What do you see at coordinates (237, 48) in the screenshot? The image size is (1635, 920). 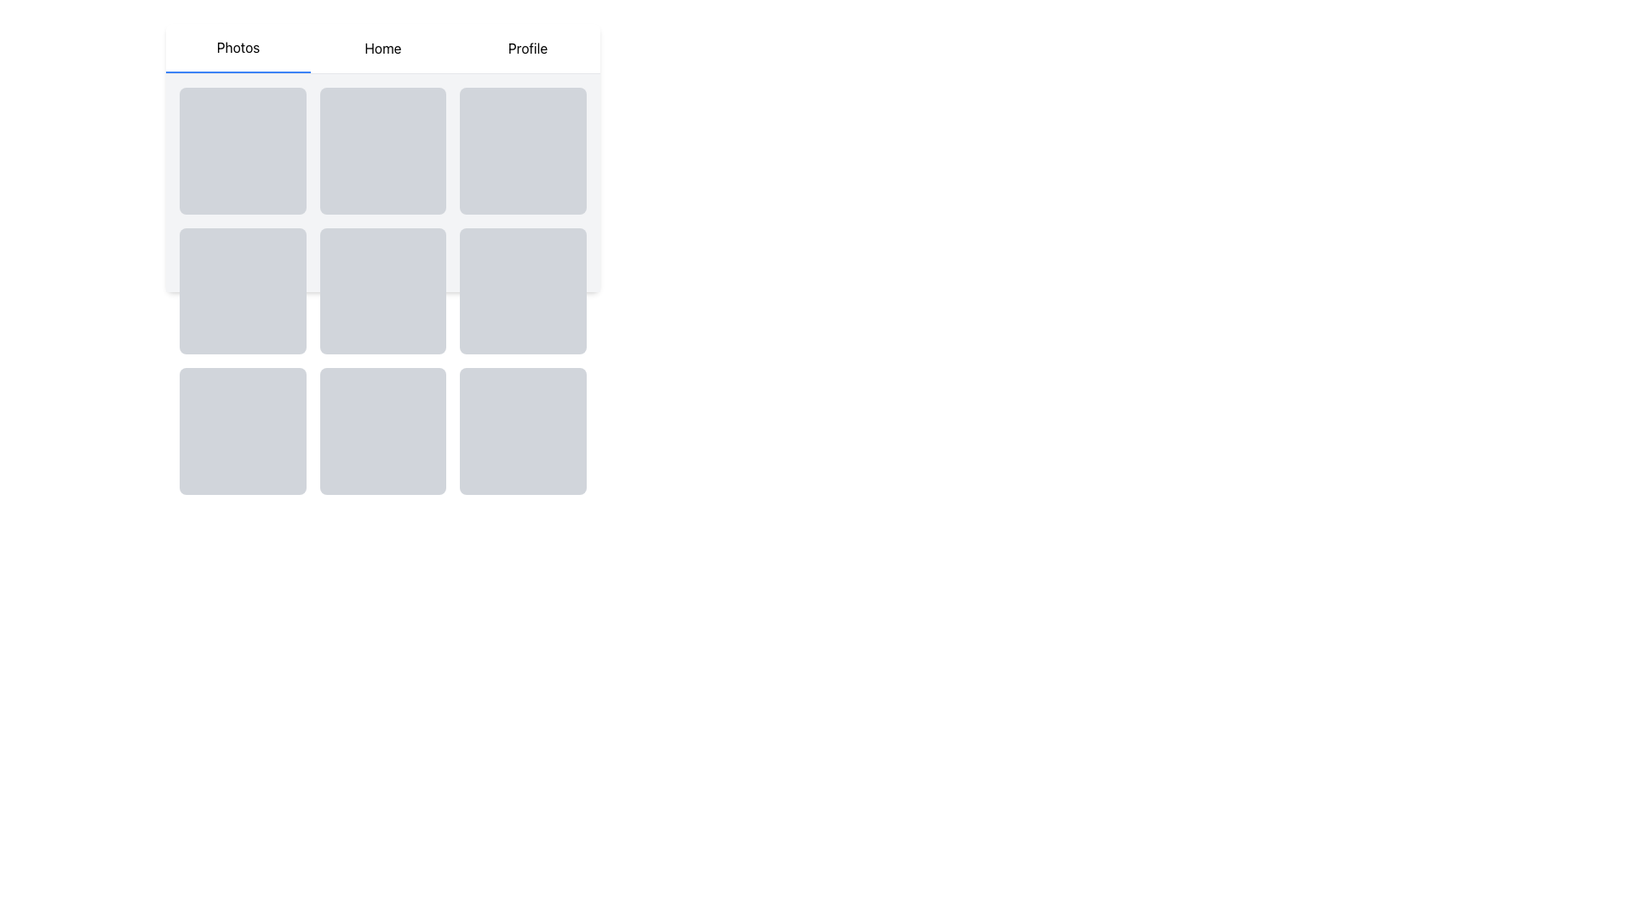 I see `the 'Photos' tab, which is a bold text label with a blue bottom border` at bounding box center [237, 48].